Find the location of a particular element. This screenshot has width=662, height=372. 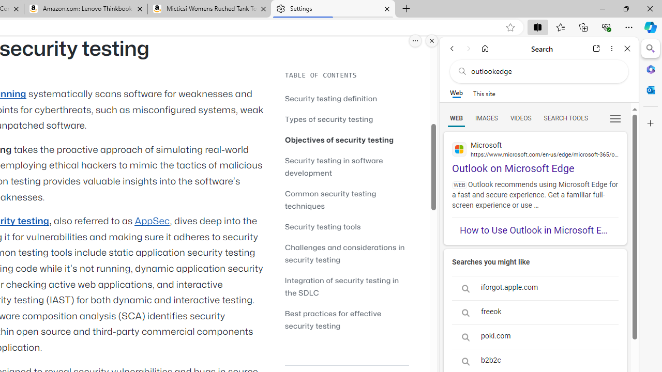

'Security testing definition' is located at coordinates (331, 98).